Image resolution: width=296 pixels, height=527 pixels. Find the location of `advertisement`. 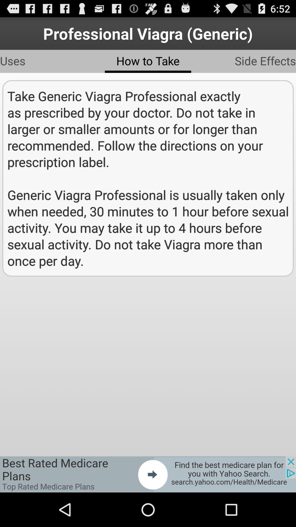

advertisement is located at coordinates (148, 474).